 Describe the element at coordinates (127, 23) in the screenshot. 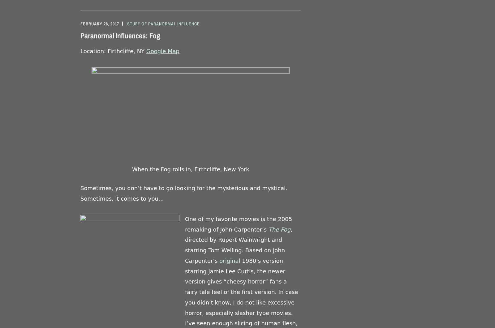

I see `'Stuff of Paranormal Influence'` at that location.